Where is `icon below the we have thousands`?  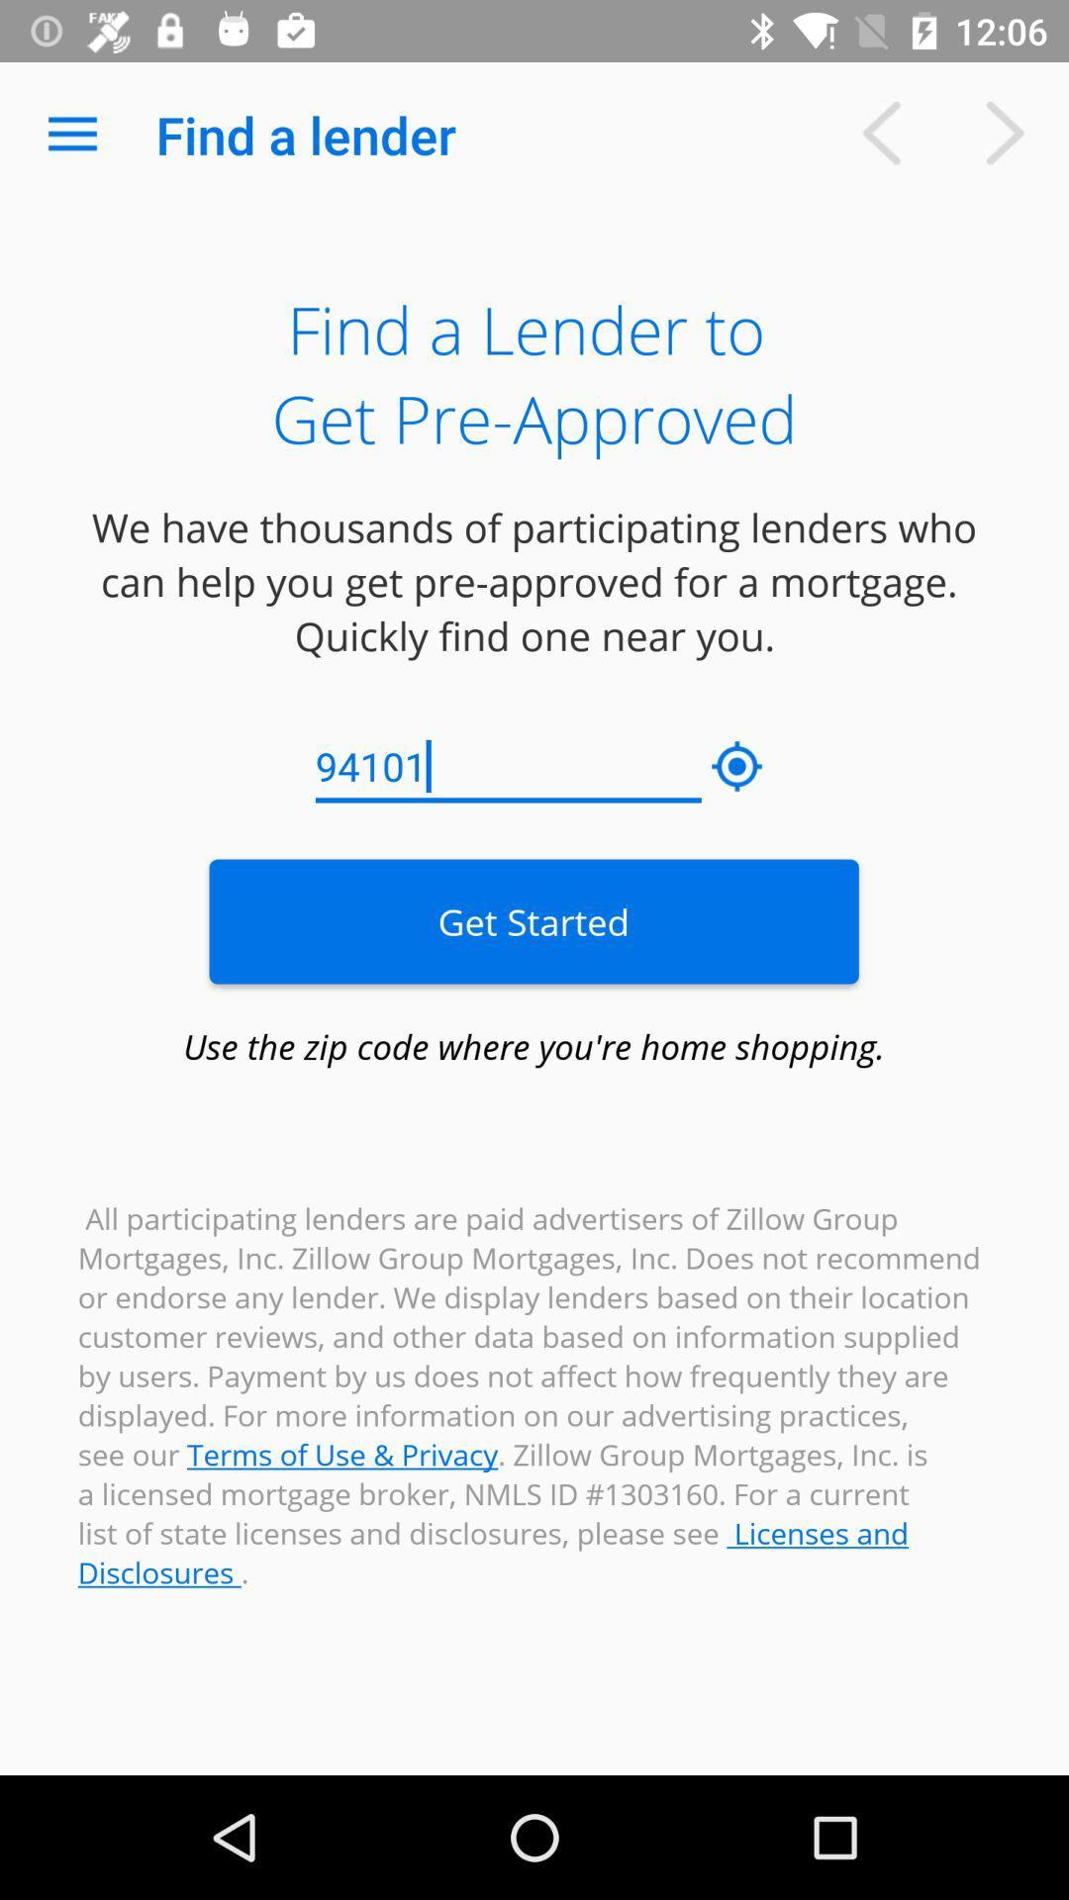 icon below the we have thousands is located at coordinates (737, 766).